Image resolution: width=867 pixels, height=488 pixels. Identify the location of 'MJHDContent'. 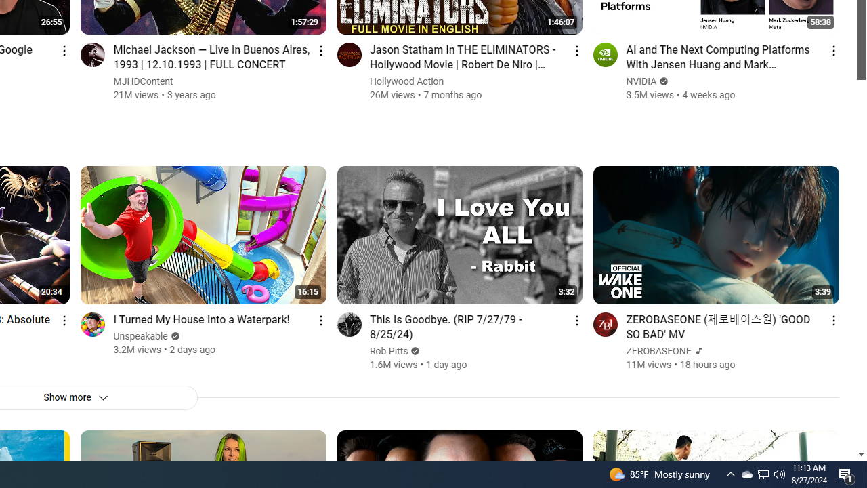
(144, 81).